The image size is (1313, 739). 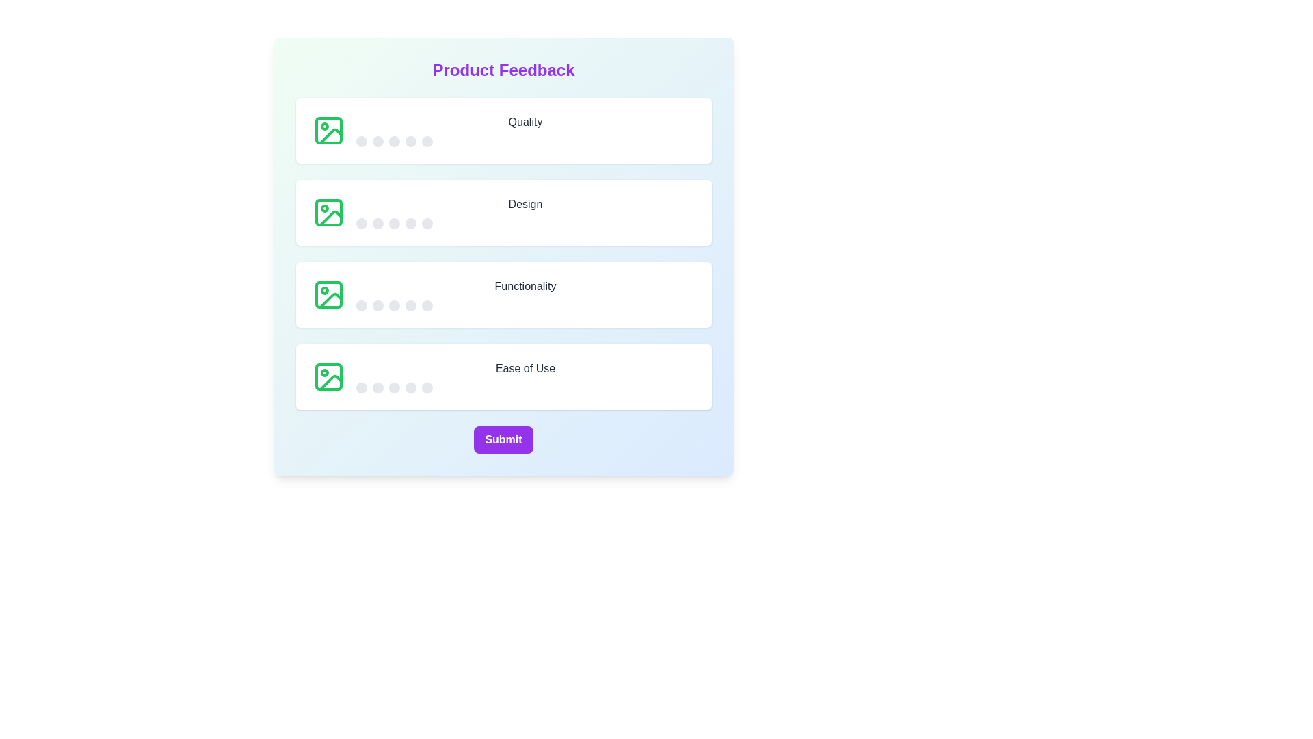 What do you see at coordinates (377, 388) in the screenshot?
I see `the star corresponding to 2 stars for the 'Ease of Use' category` at bounding box center [377, 388].